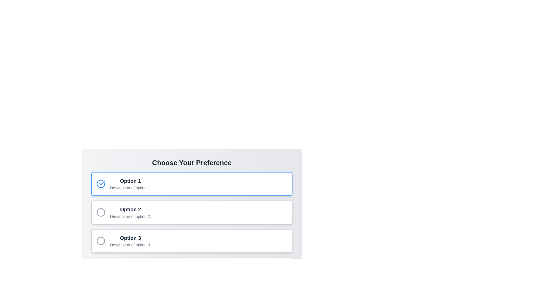 The image size is (549, 308). I want to click on the text element reading 'Description of option 1.' which is located below the bolded text 'Option 1' in the selectable card interface, so click(130, 188).